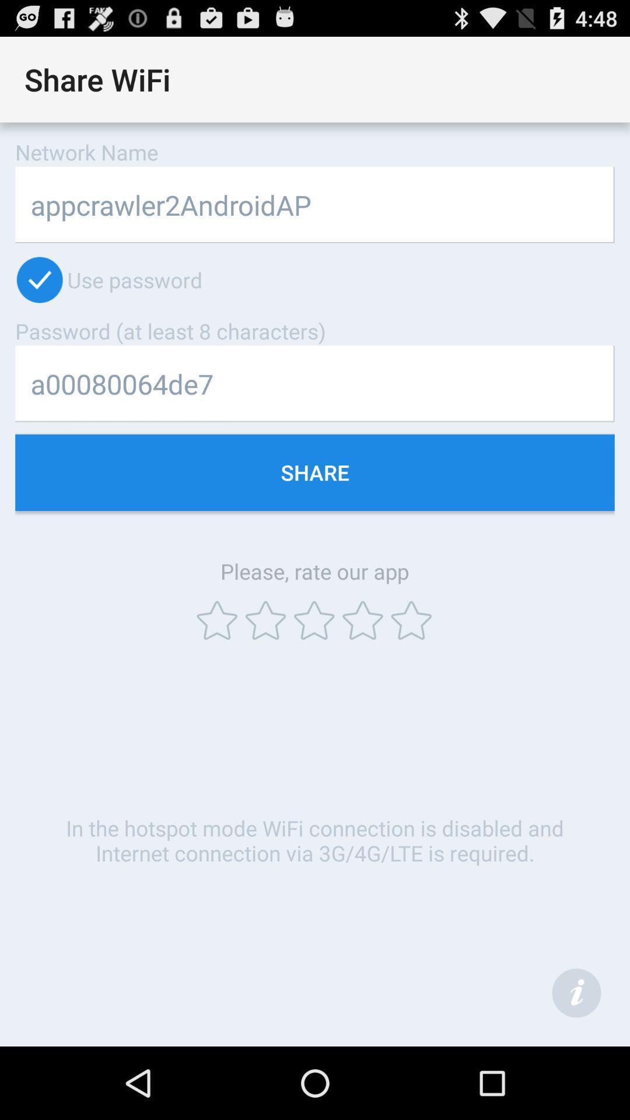 This screenshot has height=1120, width=630. What do you see at coordinates (315, 205) in the screenshot?
I see `the appcrawler2androidap item` at bounding box center [315, 205].